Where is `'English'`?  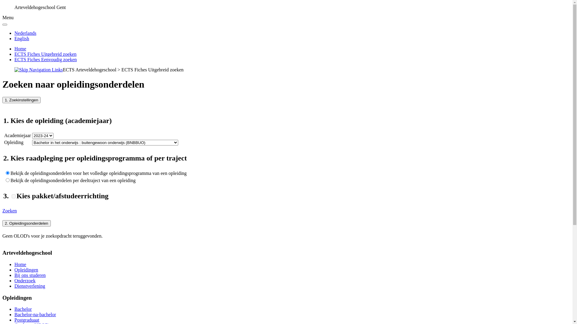 'English' is located at coordinates (22, 38).